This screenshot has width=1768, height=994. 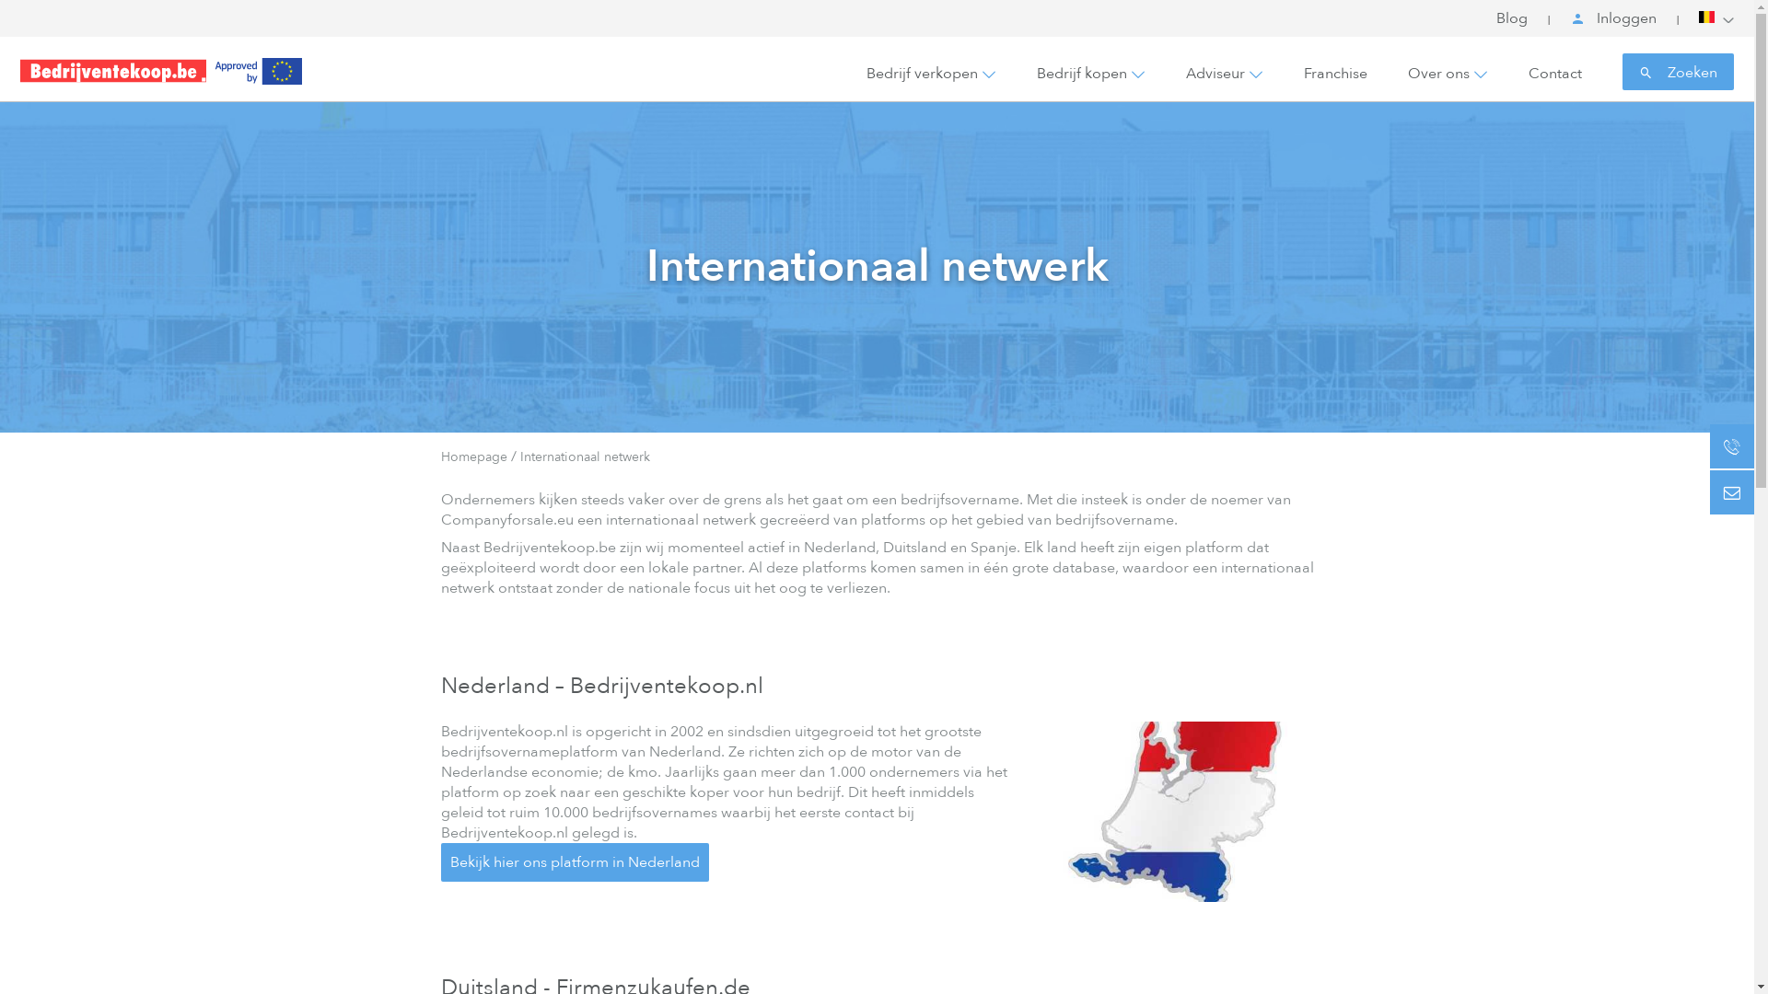 I want to click on 'Franchise', so click(x=1335, y=73).